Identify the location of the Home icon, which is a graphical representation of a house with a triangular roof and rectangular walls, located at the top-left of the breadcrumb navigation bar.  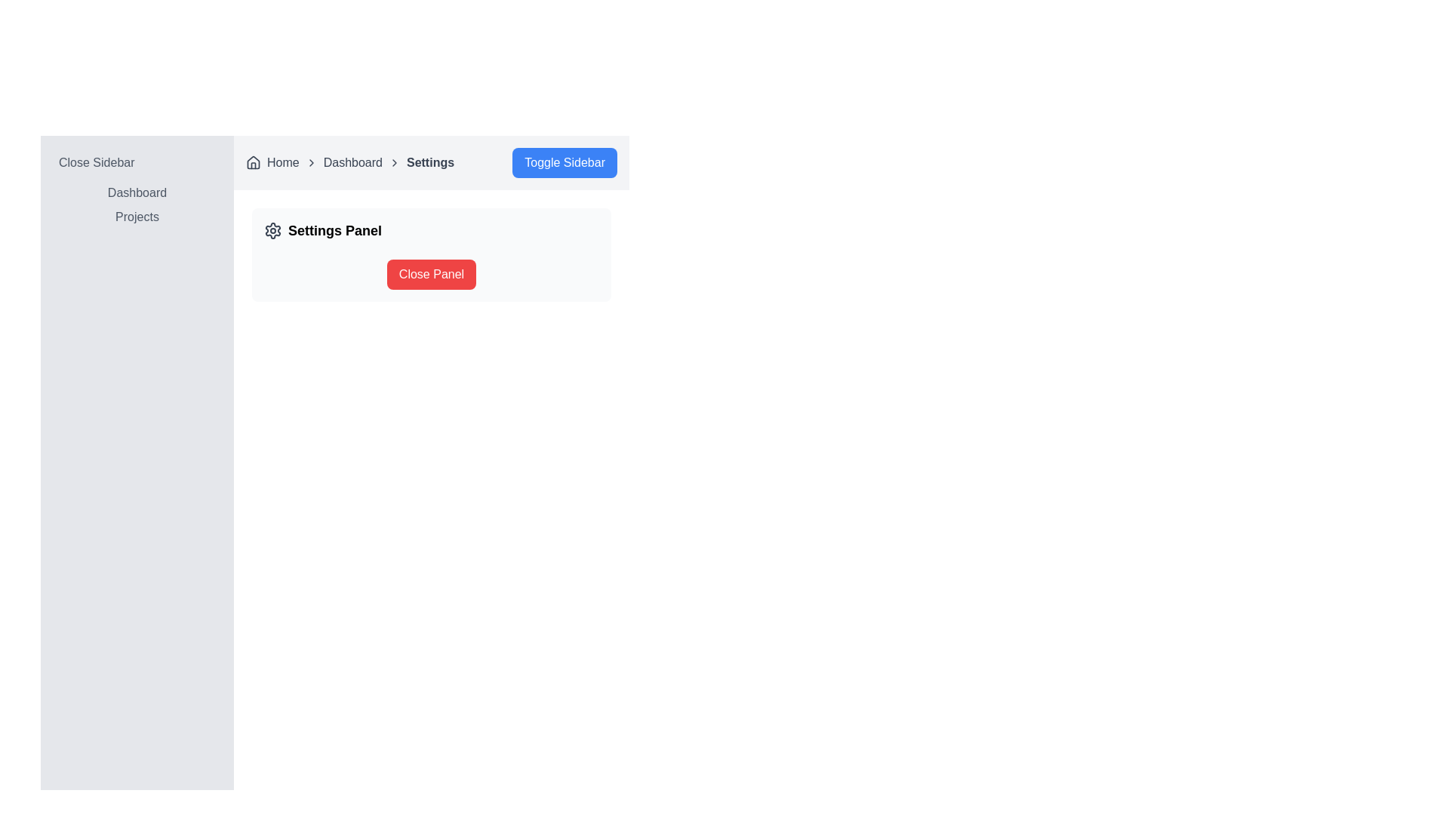
(254, 162).